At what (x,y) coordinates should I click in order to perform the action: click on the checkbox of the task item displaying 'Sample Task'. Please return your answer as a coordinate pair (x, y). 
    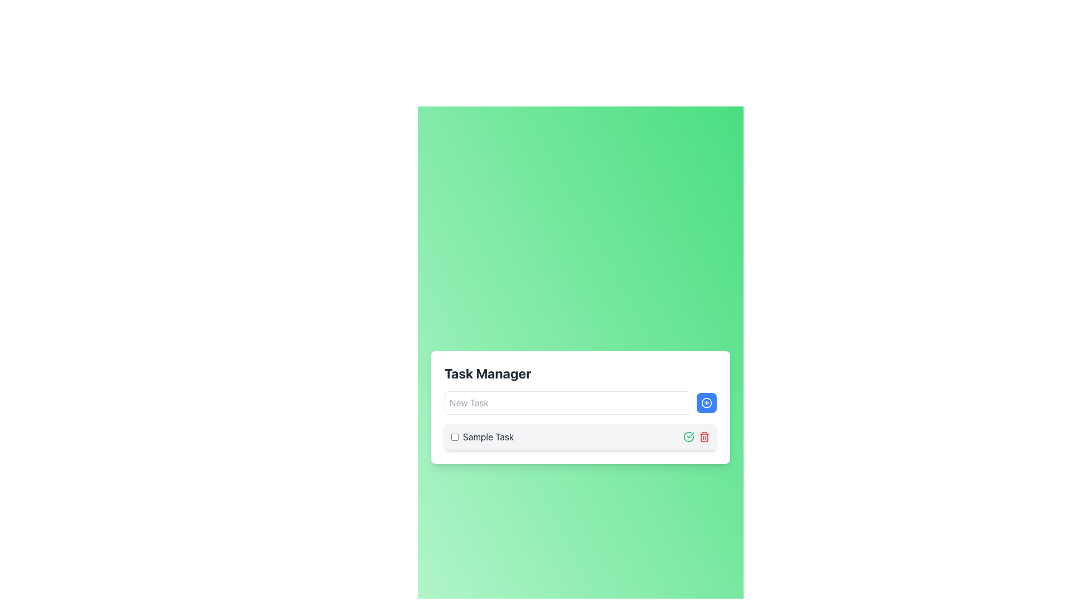
    Looking at the image, I should click on (580, 436).